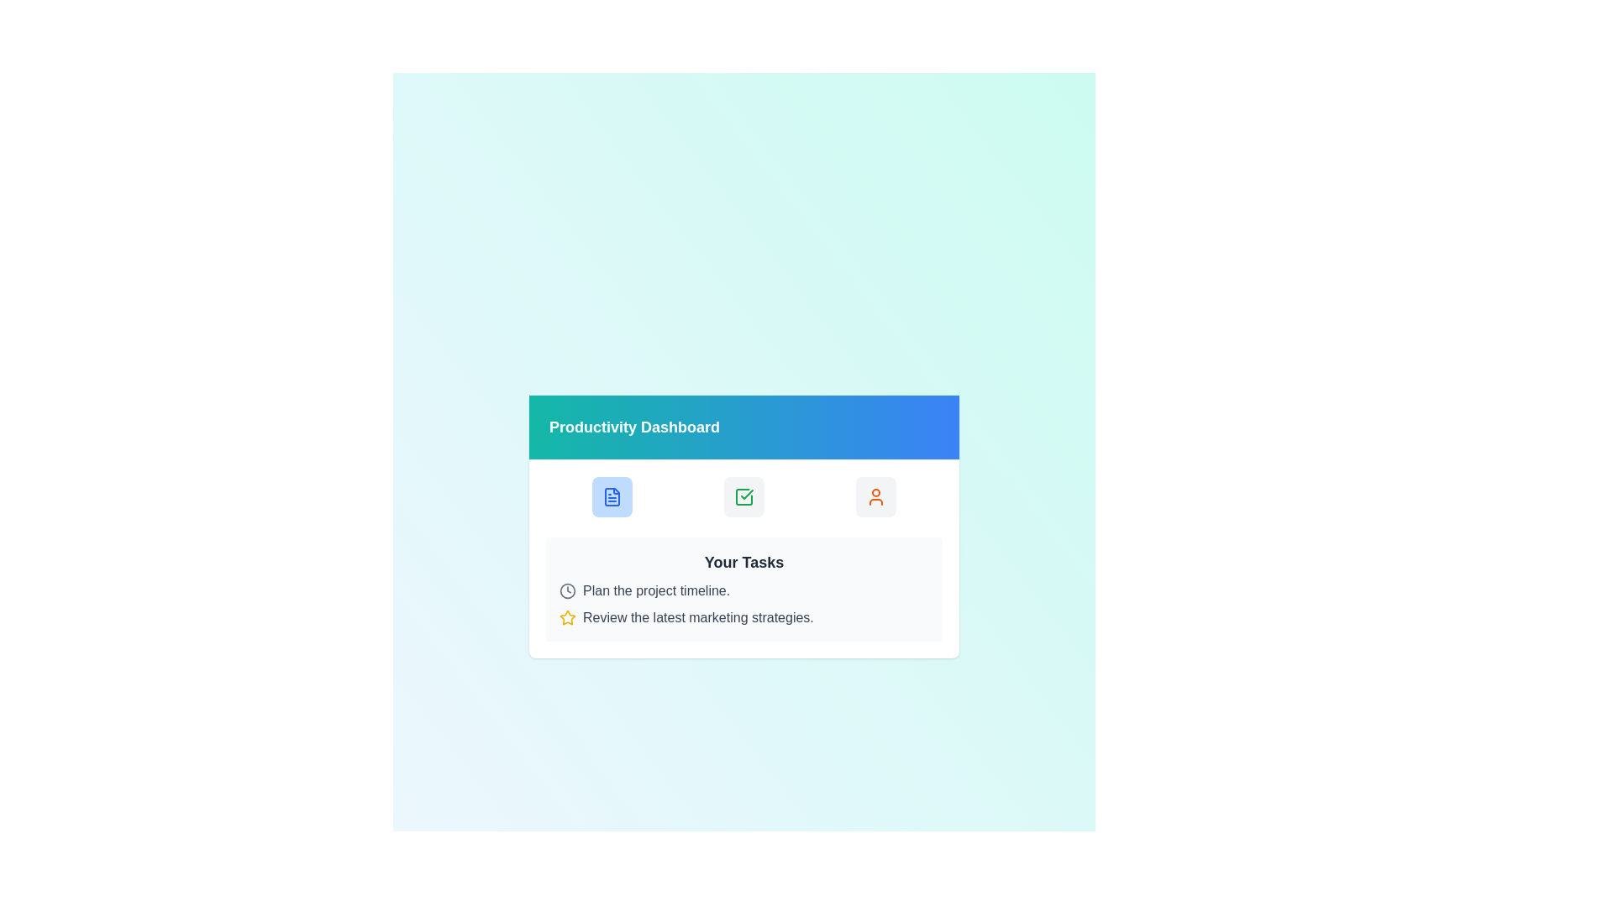 The height and width of the screenshot is (907, 1613). What do you see at coordinates (568, 617) in the screenshot?
I see `the star icon with a bold yellow-orange color located in the 'Your Tasks' section, to the left of the text 'Review the latest marketing strategies.'` at bounding box center [568, 617].